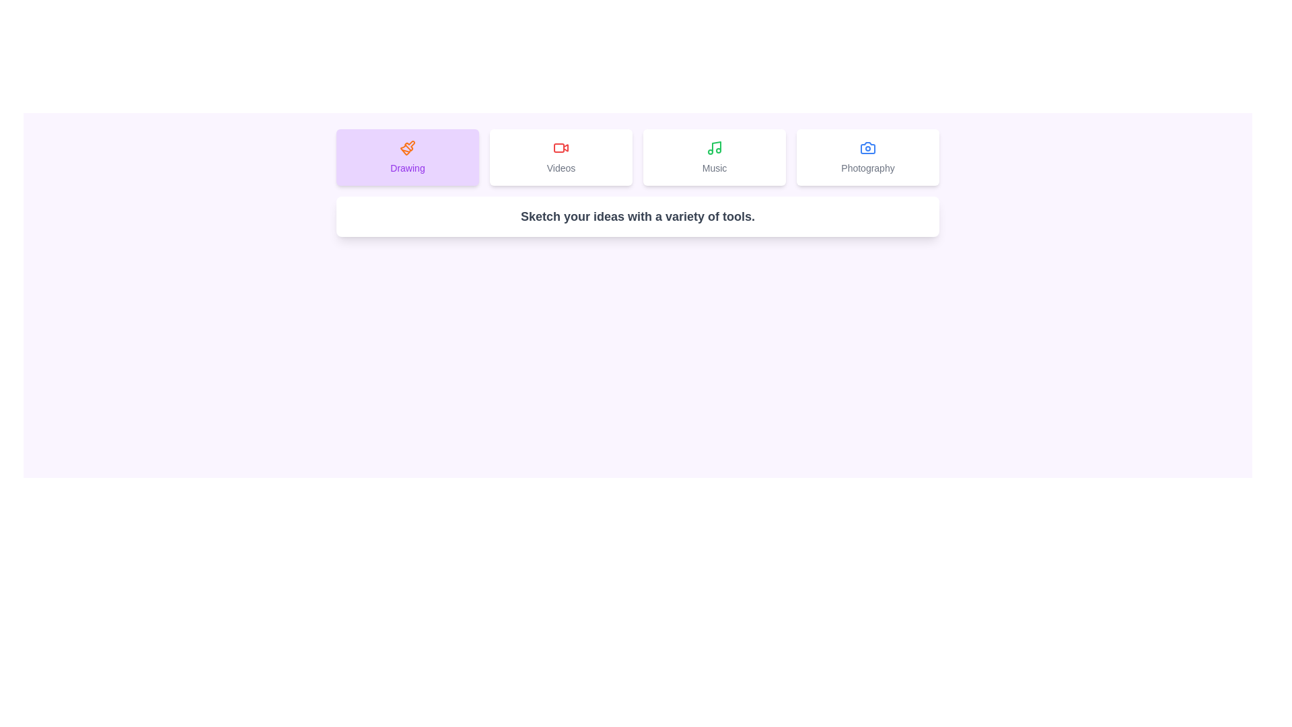  Describe the element at coordinates (561, 157) in the screenshot. I see `the tab labeled Videos to preview its hover effect` at that location.